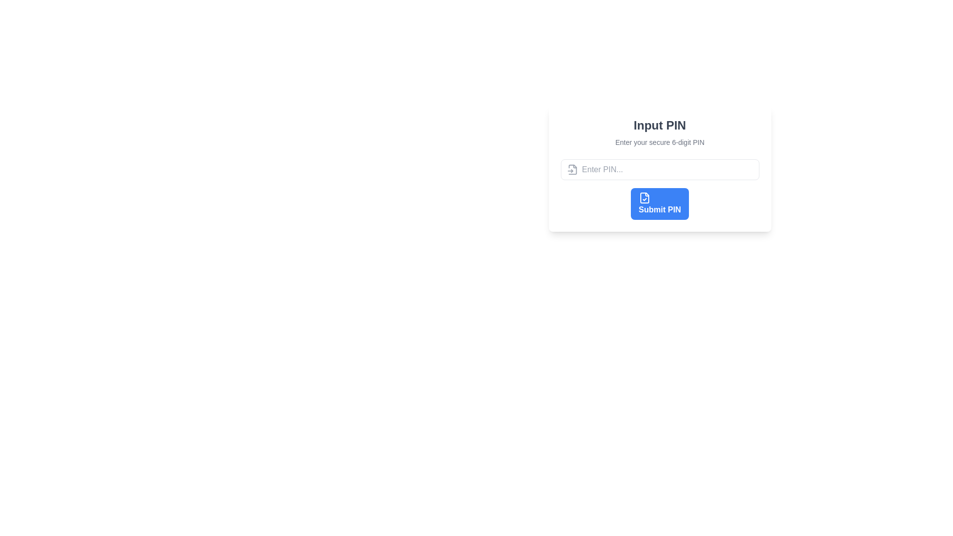 The height and width of the screenshot is (536, 953). What do you see at coordinates (660, 142) in the screenshot?
I see `the instructional text label that describes the format or type of PIN needed for input, located beneath the 'Input PIN' title` at bounding box center [660, 142].